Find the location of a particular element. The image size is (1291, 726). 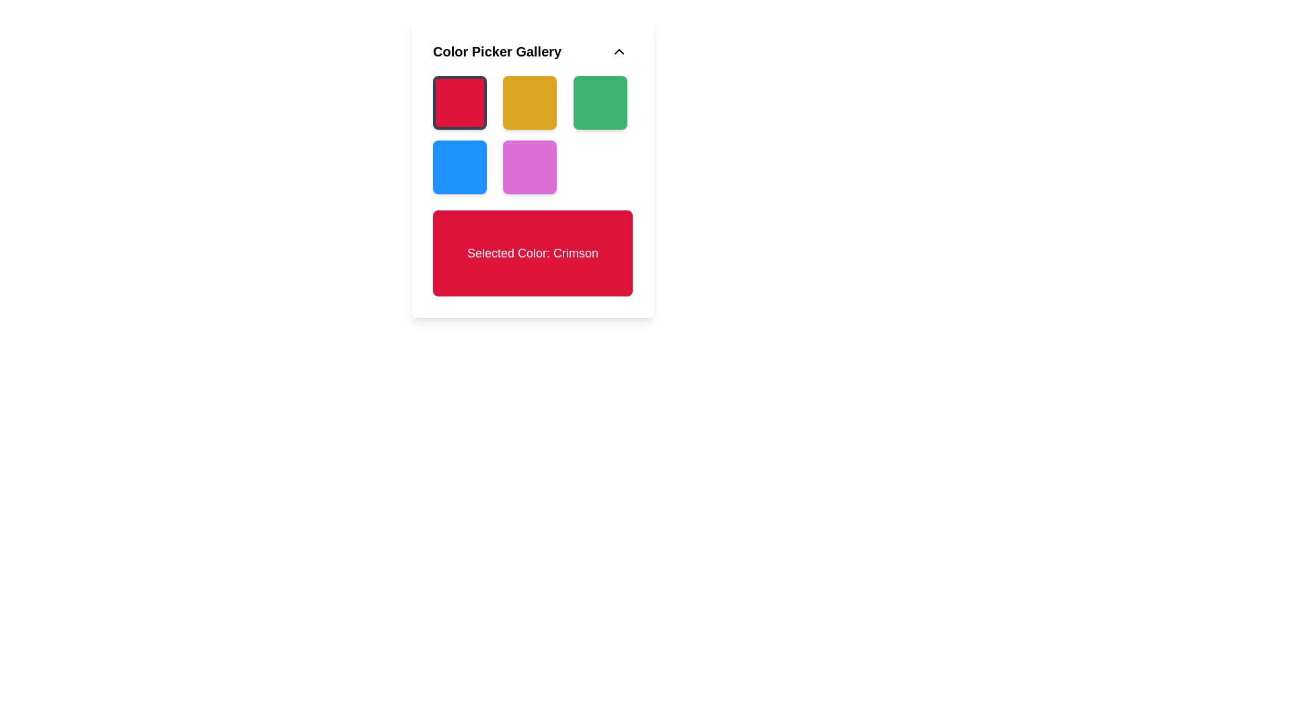

the green square button with rounded corners, which is the third item in the first row of a 3x2 grid layout is located at coordinates (599, 102).